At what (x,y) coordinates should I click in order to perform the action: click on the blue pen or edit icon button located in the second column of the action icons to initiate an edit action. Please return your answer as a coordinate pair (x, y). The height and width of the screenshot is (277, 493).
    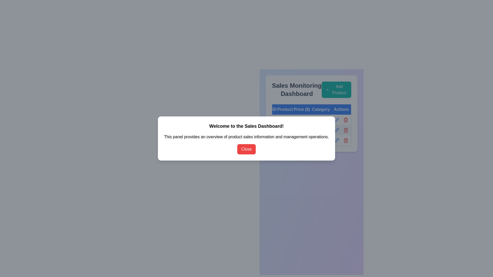
    Looking at the image, I should click on (336, 120).